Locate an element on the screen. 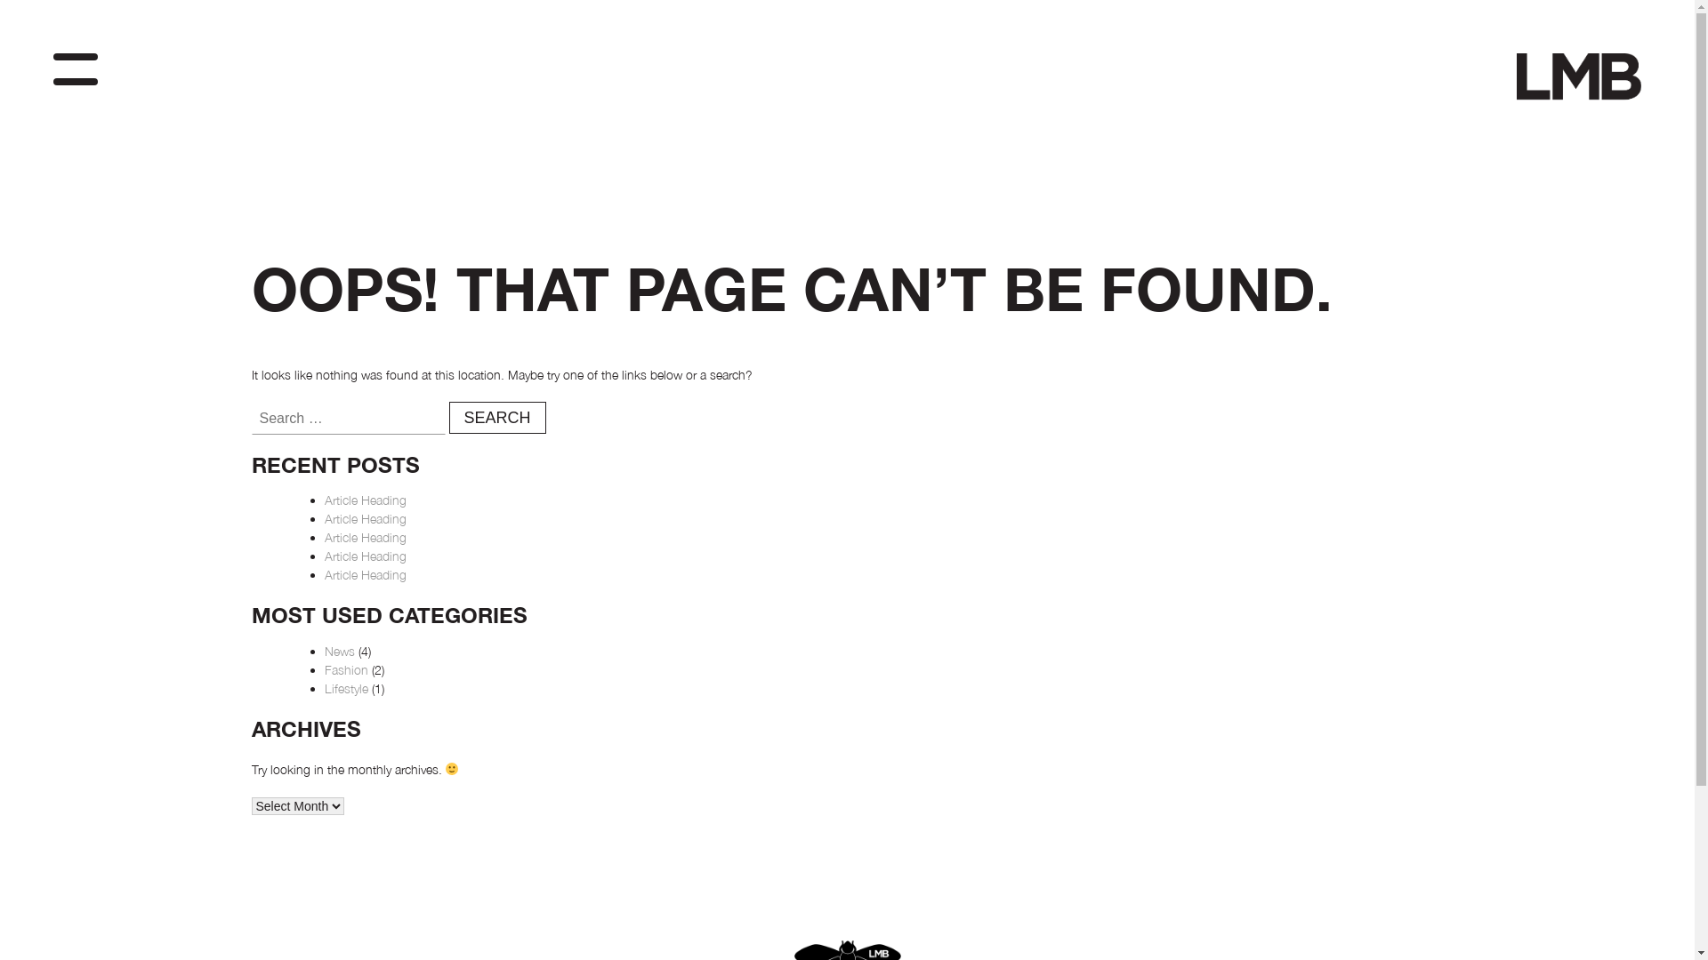 Image resolution: width=1708 pixels, height=960 pixels. 'Article Heading' is located at coordinates (363, 555).